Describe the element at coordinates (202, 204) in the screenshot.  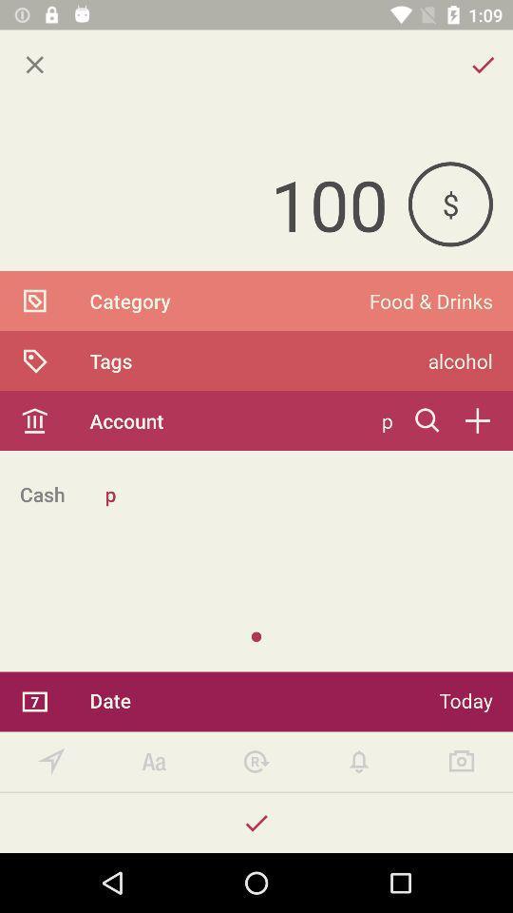
I see `the item to the left of $ icon` at that location.